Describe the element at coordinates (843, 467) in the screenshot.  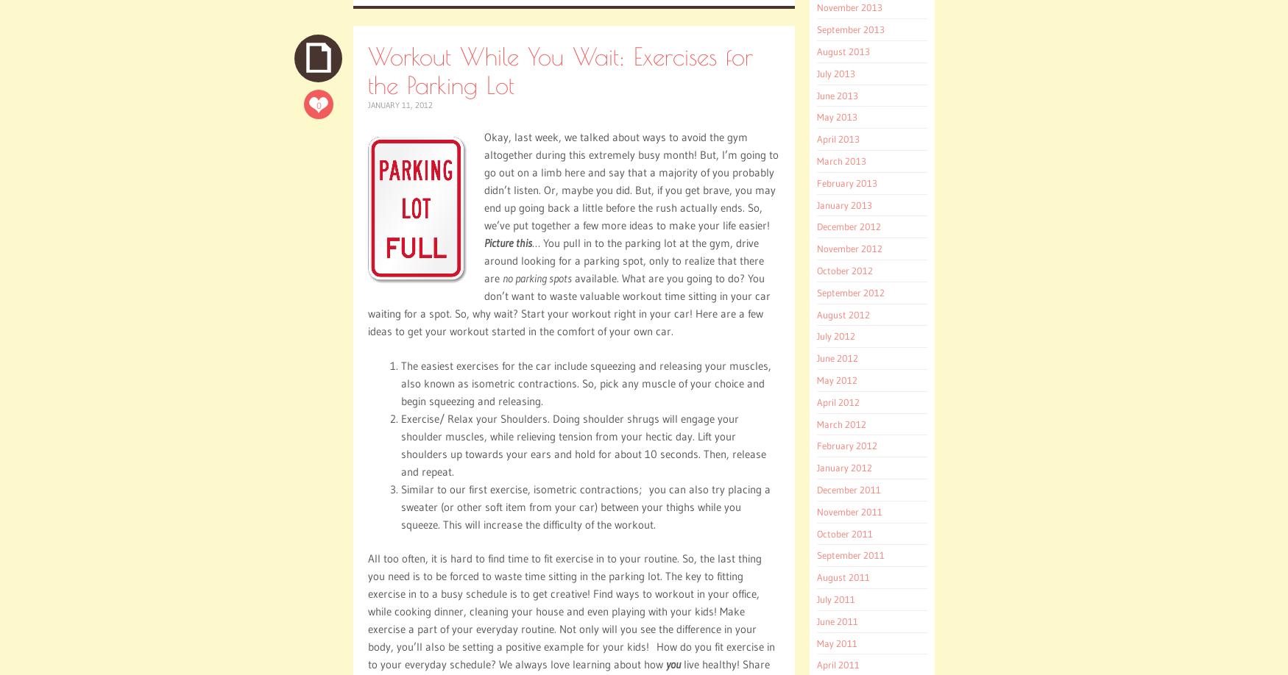
I see `'January 2012'` at that location.